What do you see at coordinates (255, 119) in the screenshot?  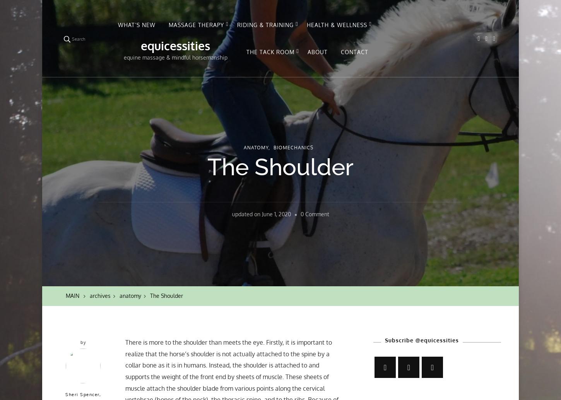 I see `'Biomechanics'` at bounding box center [255, 119].